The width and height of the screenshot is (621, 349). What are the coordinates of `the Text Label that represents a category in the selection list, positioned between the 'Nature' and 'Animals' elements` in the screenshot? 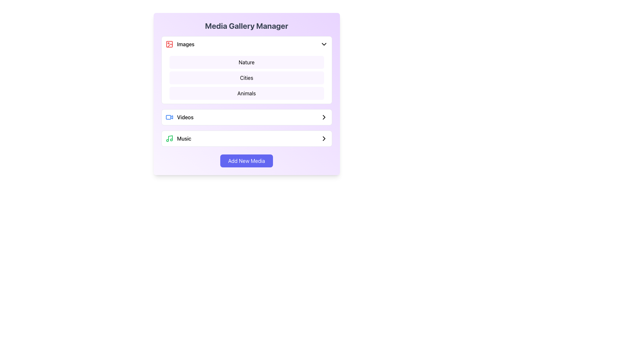 It's located at (246, 77).